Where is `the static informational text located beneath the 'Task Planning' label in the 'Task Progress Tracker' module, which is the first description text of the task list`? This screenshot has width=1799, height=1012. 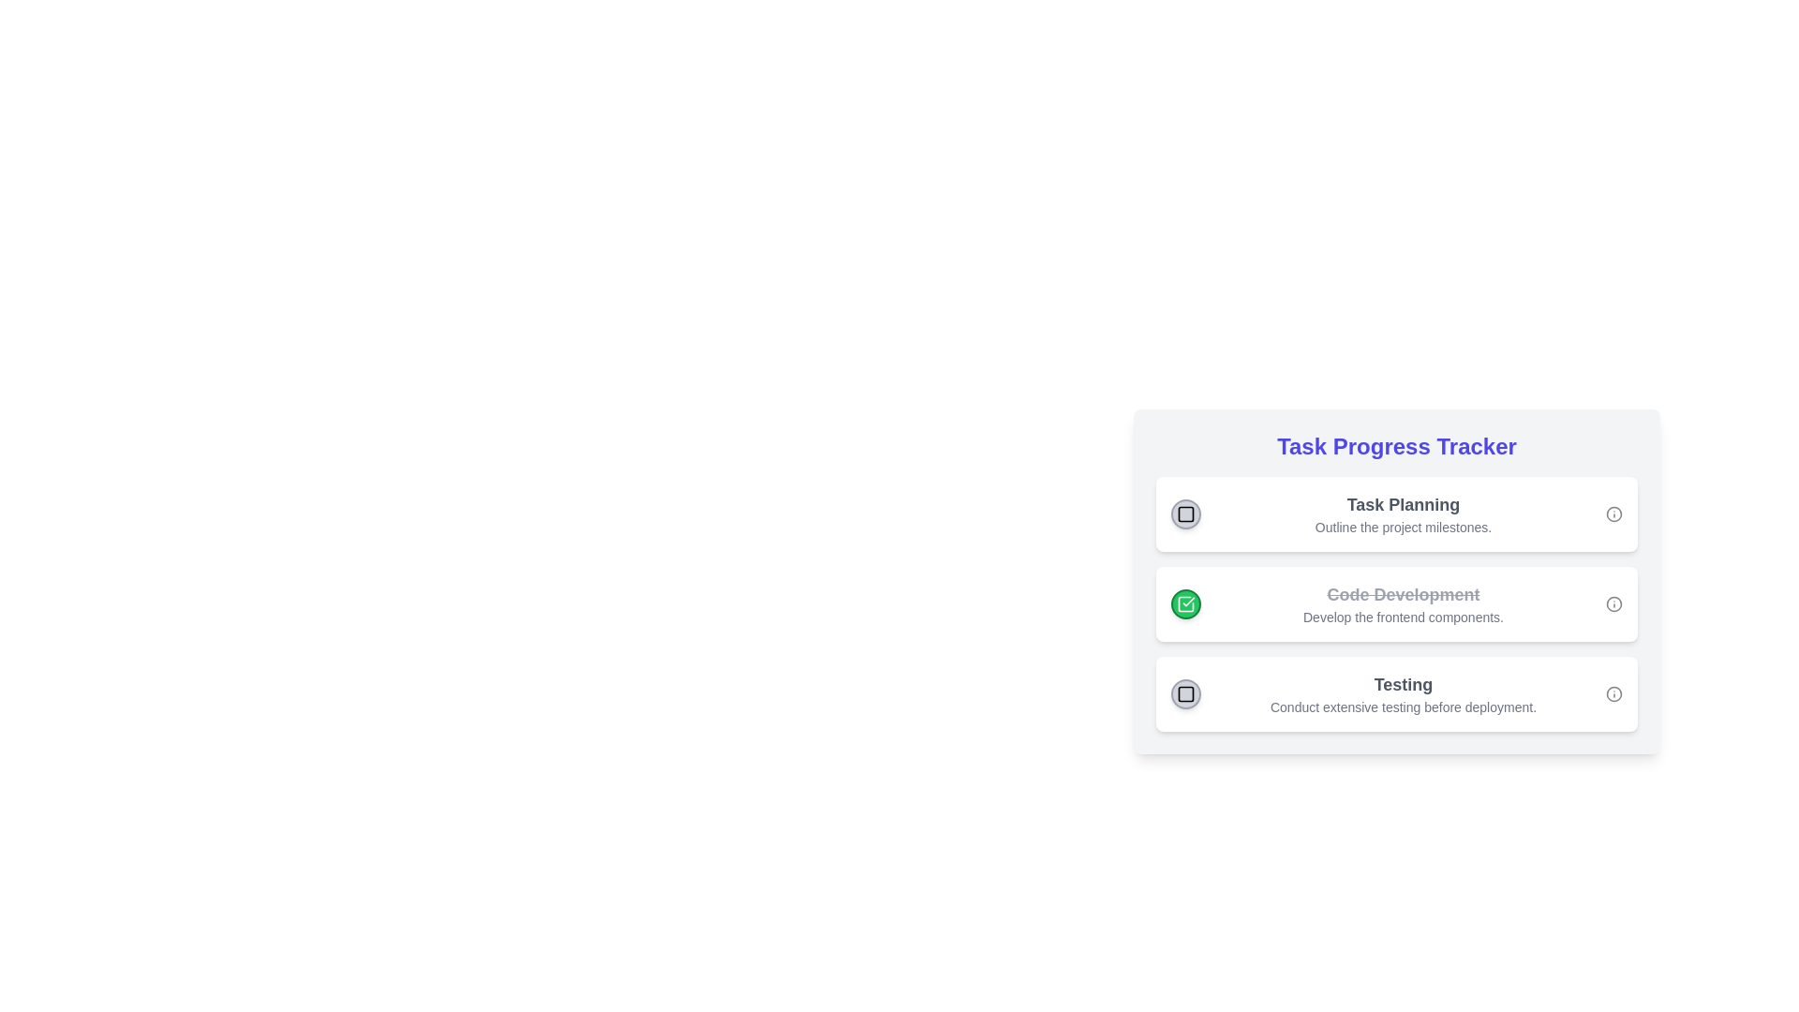
the static informational text located beneath the 'Task Planning' label in the 'Task Progress Tracker' module, which is the first description text of the task list is located at coordinates (1403, 528).